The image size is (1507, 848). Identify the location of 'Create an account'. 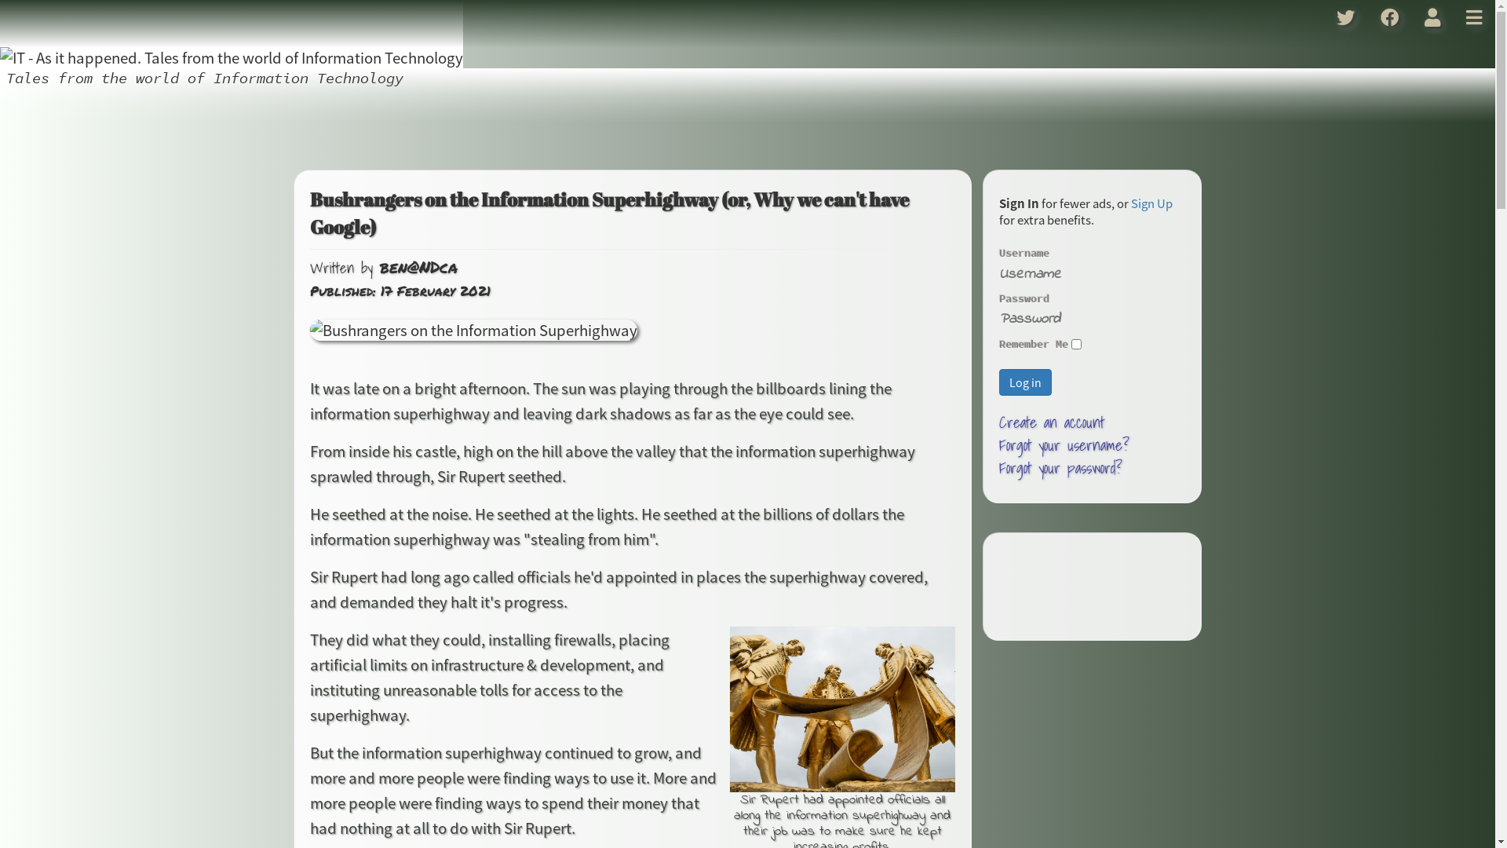
(1051, 421).